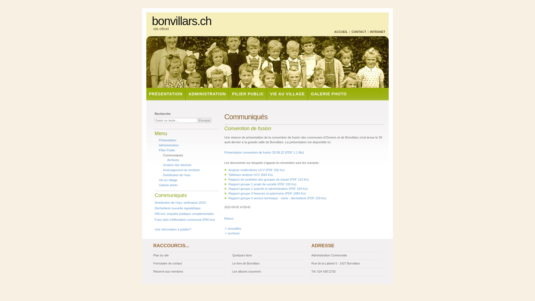 The height and width of the screenshot is (301, 535). I want to click on 'Archives', so click(173, 160).